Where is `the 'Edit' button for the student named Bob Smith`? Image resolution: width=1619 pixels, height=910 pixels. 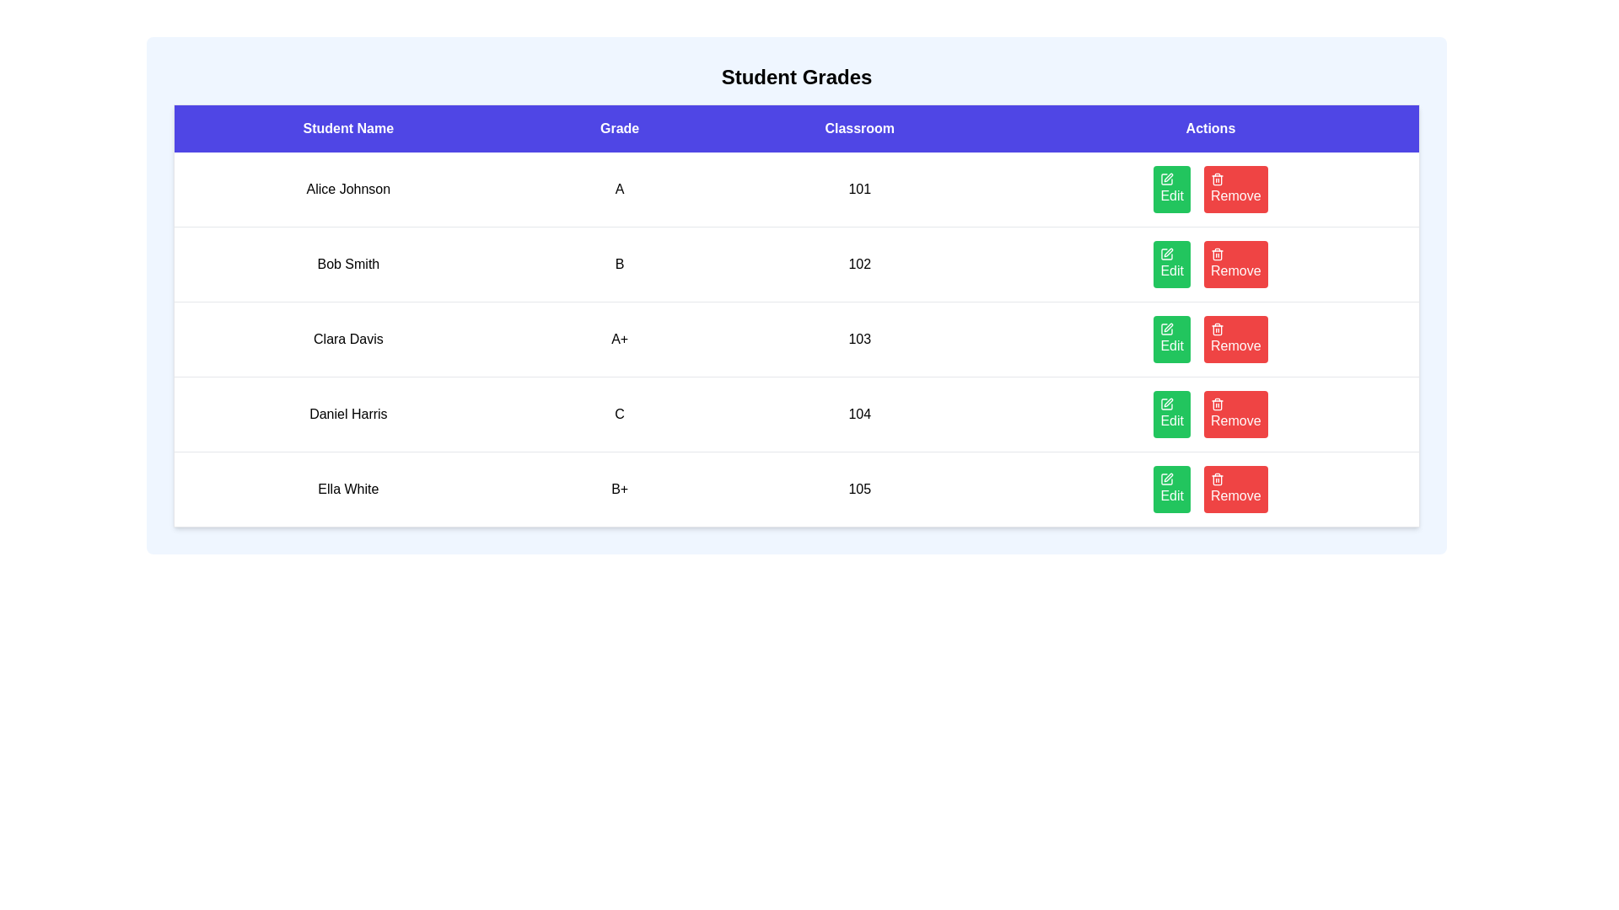
the 'Edit' button for the student named Bob Smith is located at coordinates (1171, 264).